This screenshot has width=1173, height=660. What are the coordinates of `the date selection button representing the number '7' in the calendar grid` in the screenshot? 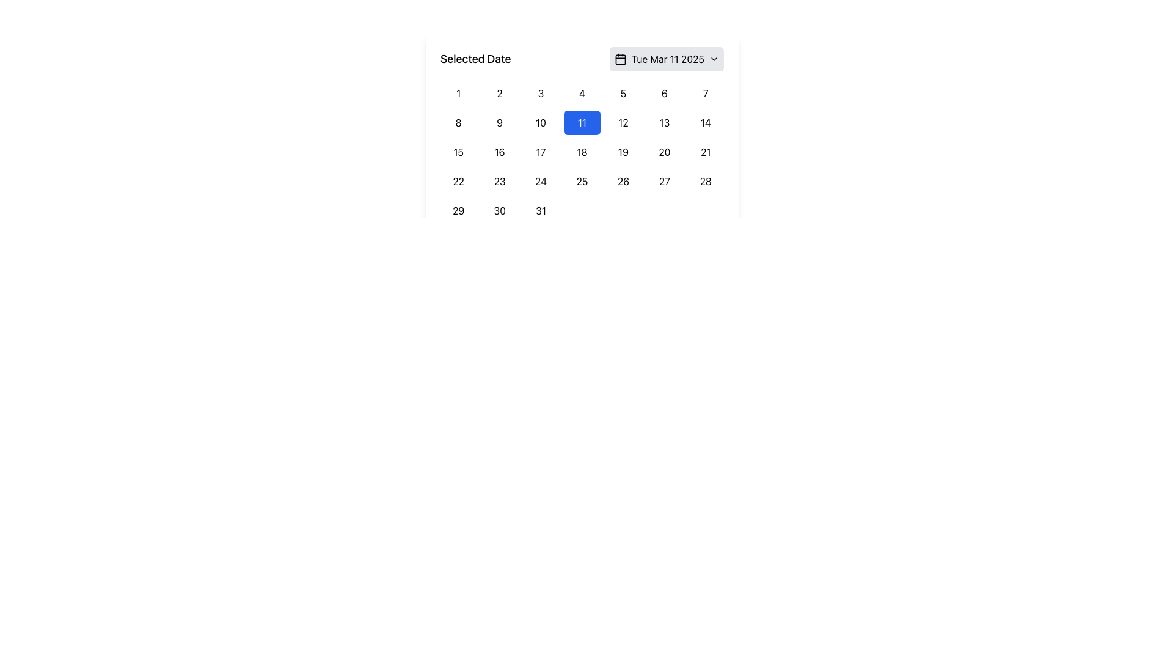 It's located at (706, 93).